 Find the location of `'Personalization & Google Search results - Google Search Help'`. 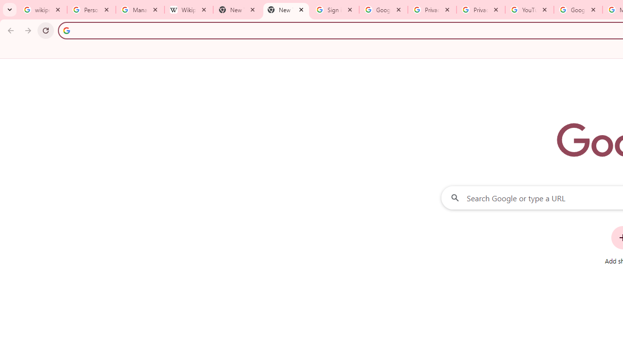

'Personalization & Google Search results - Google Search Help' is located at coordinates (92, 10).